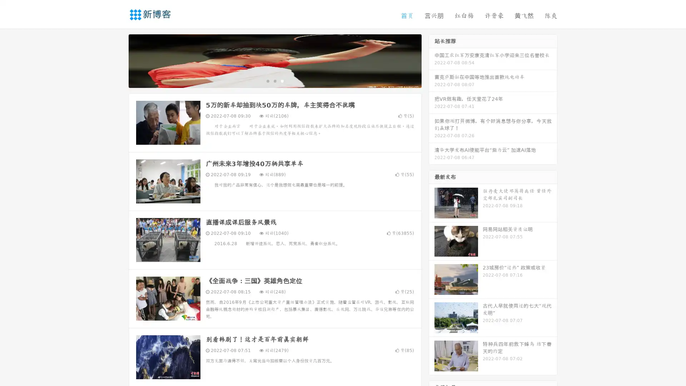 The height and width of the screenshot is (386, 686). Describe the element at coordinates (267, 80) in the screenshot. I see `Go to slide 1` at that location.